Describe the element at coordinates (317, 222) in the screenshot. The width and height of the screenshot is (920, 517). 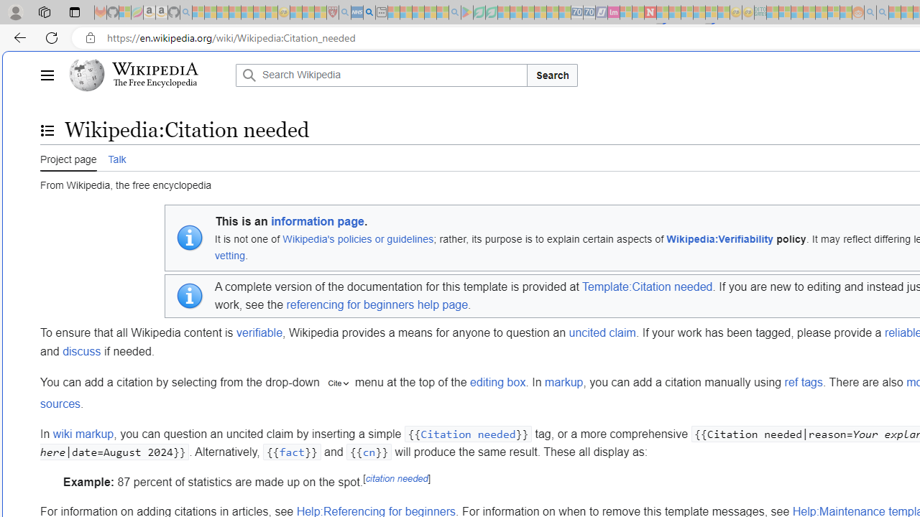
I see `'information page'` at that location.